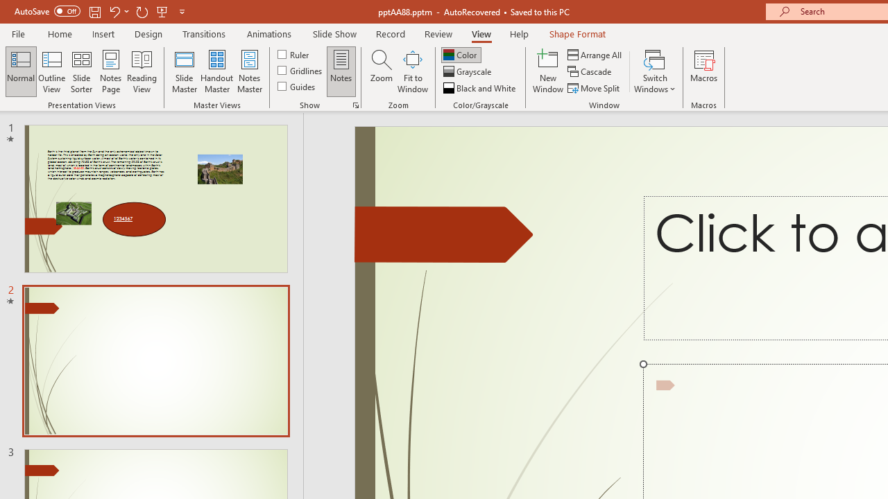 This screenshot has height=499, width=888. Describe the element at coordinates (300, 70) in the screenshot. I see `'Gridlines'` at that location.